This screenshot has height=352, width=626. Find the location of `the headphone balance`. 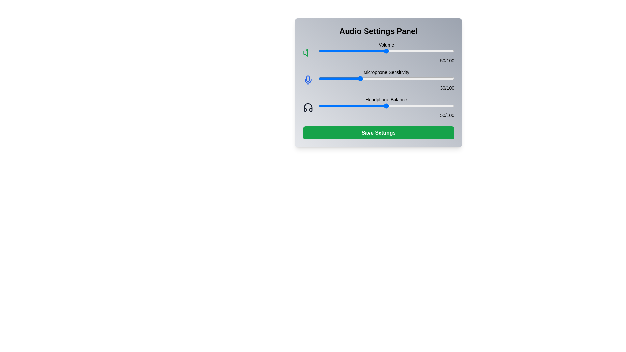

the headphone balance is located at coordinates (425, 105).